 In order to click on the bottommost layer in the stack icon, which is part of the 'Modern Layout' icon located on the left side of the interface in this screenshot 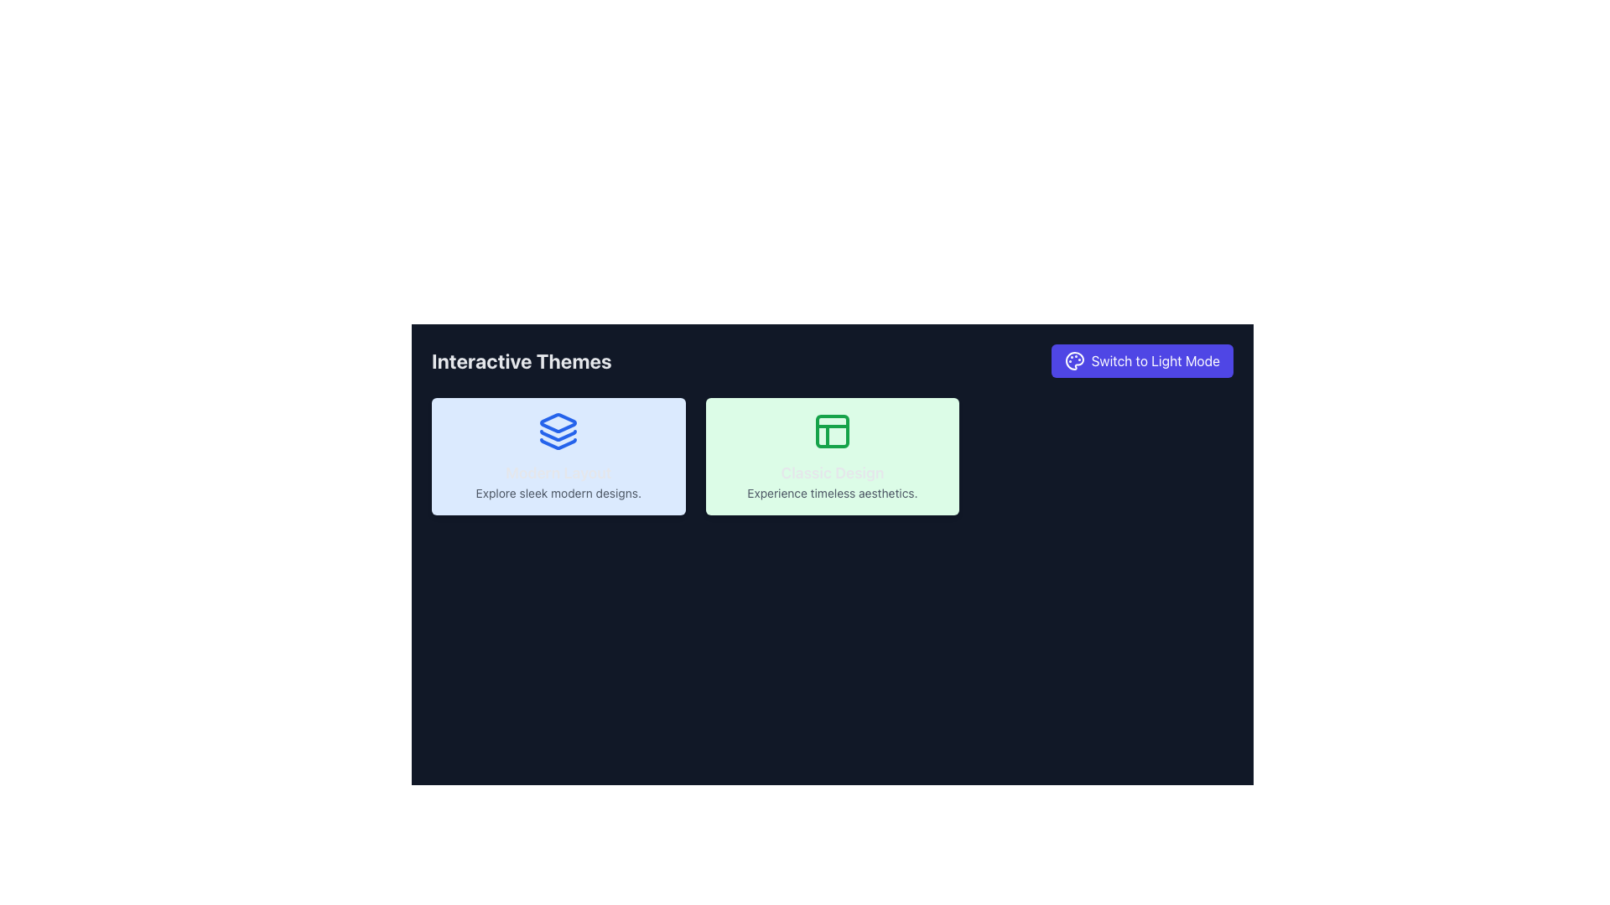, I will do `click(558, 442)`.